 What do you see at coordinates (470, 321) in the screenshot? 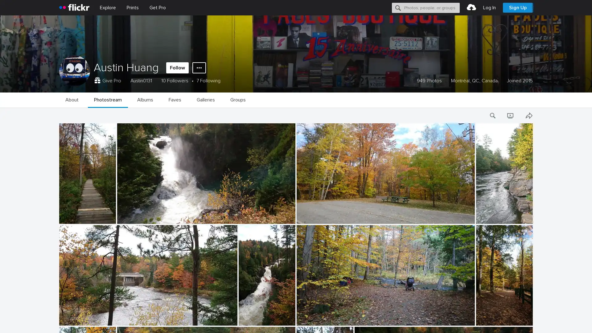
I see `Accept` at bounding box center [470, 321].